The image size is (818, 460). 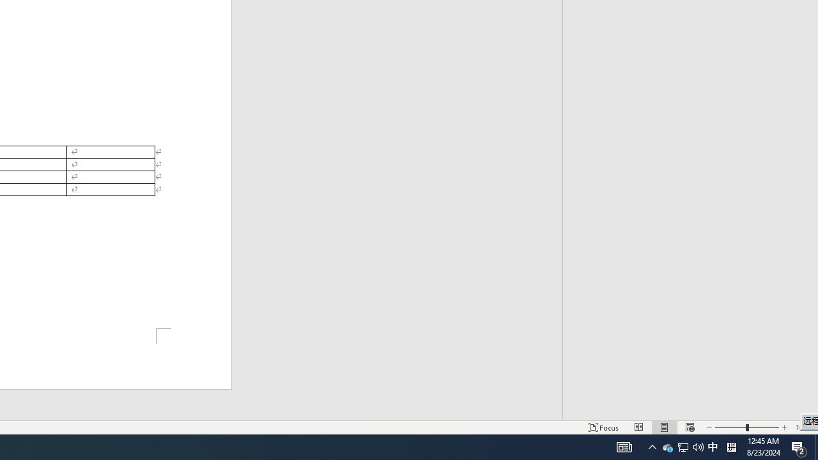 What do you see at coordinates (803, 427) in the screenshot?
I see `'Zoom 100%'` at bounding box center [803, 427].